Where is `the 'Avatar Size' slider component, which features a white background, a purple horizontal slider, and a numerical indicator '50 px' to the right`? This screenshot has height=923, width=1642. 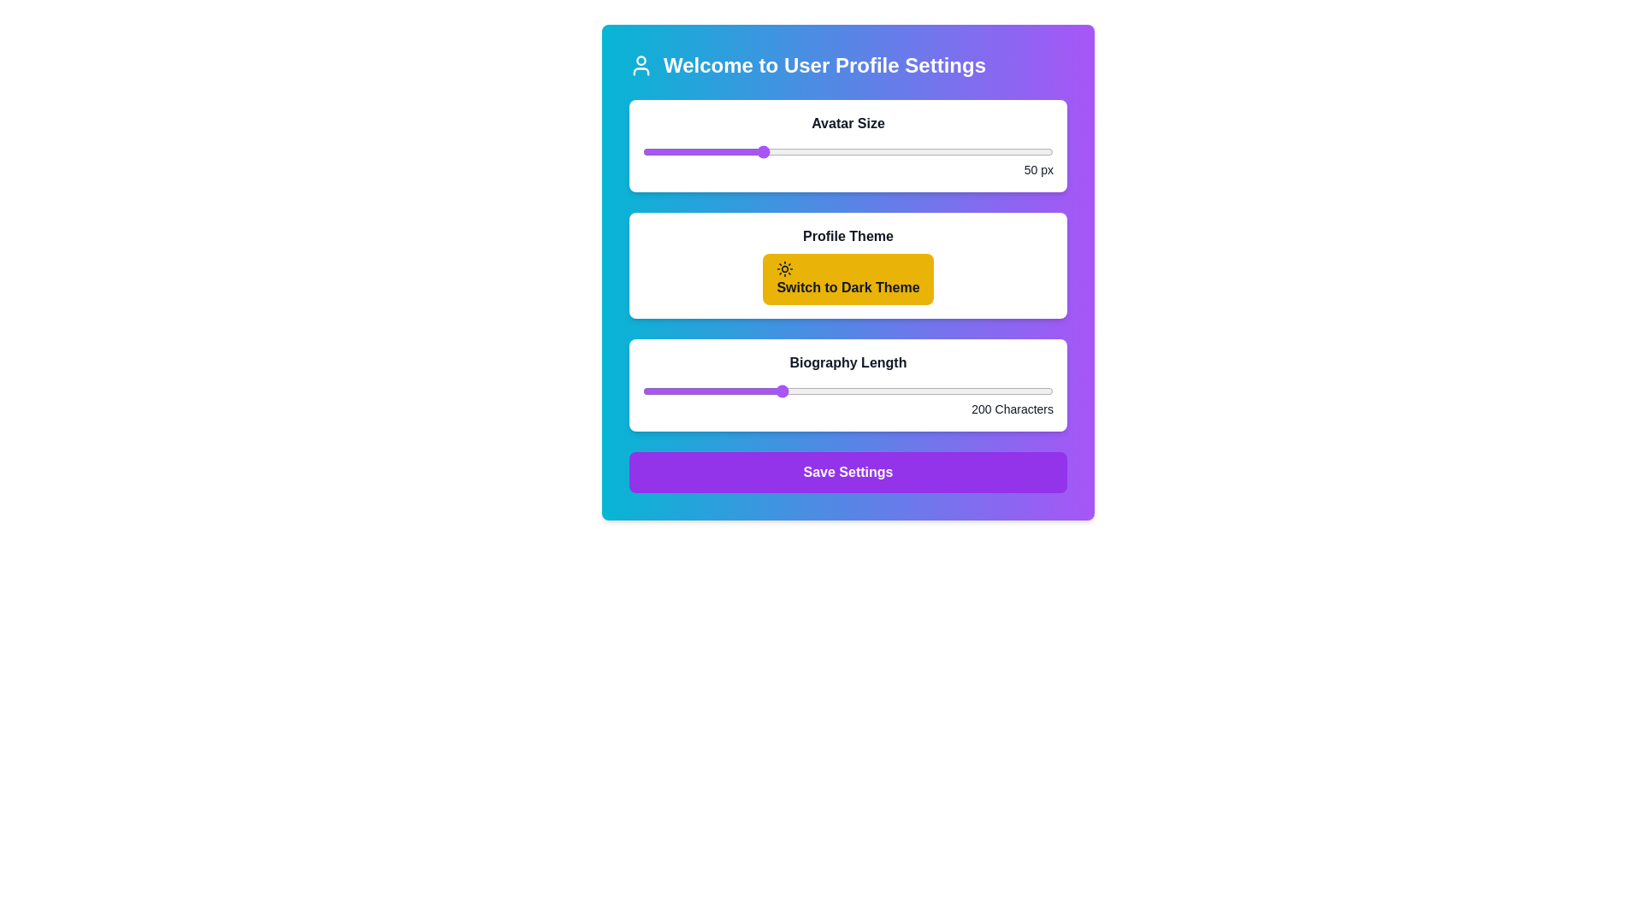 the 'Avatar Size' slider component, which features a white background, a purple horizontal slider, and a numerical indicator '50 px' to the right is located at coordinates (848, 144).